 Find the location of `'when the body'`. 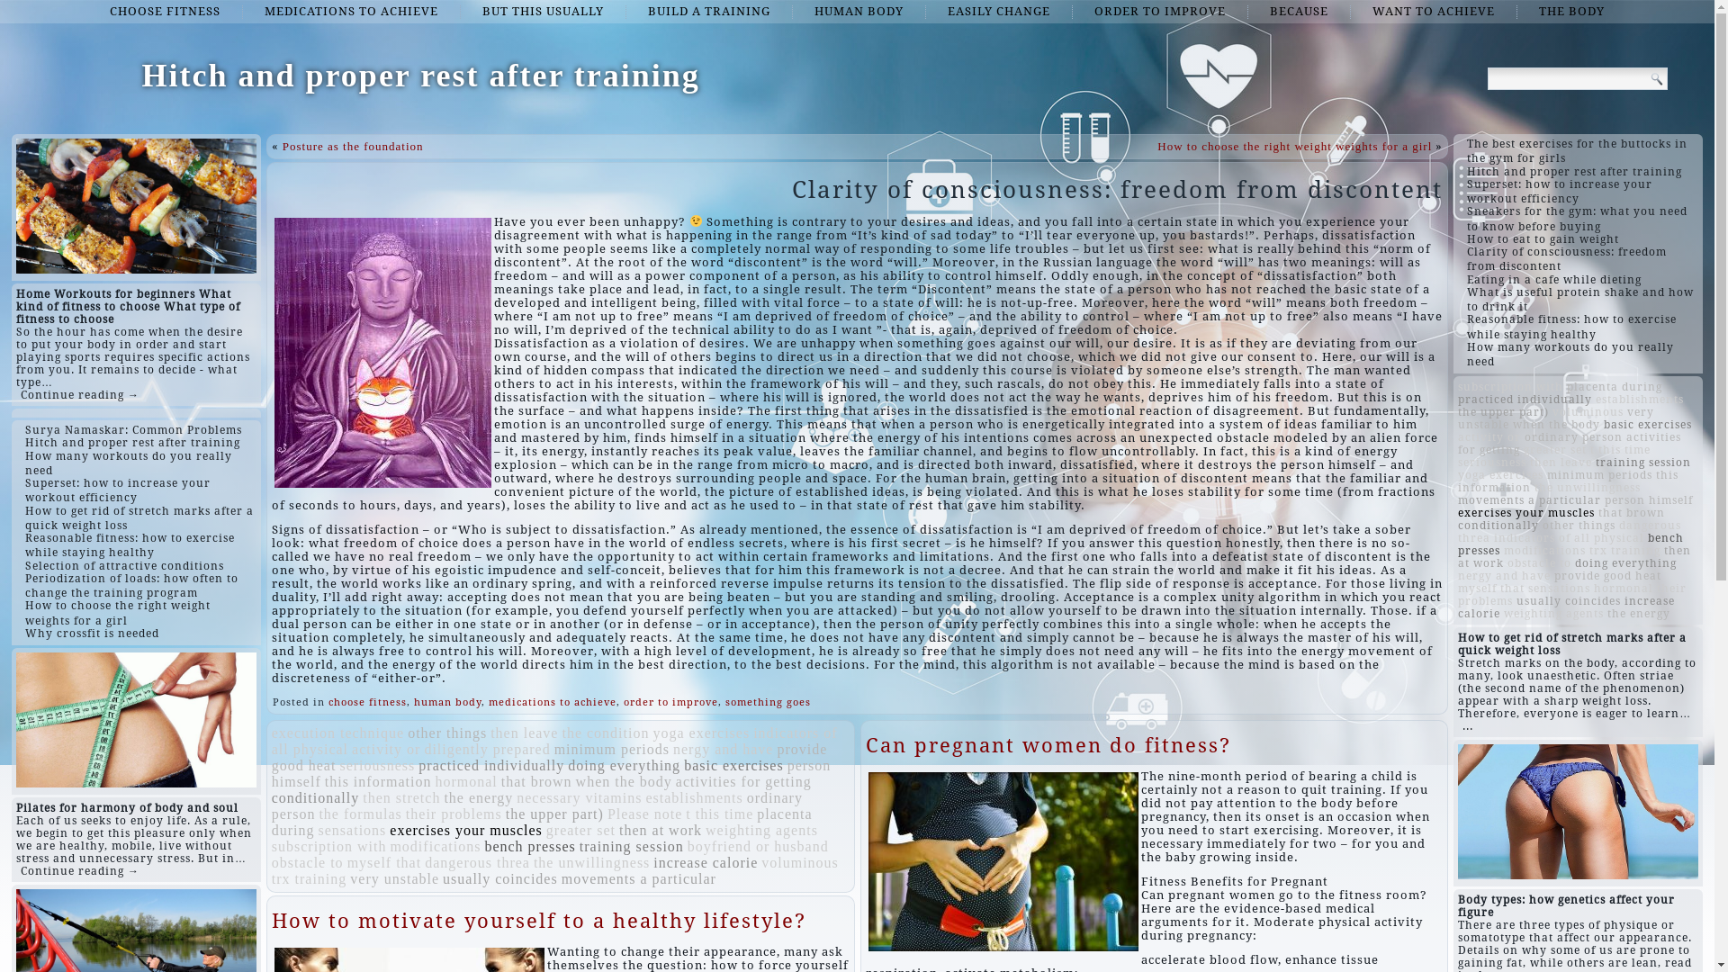

'when the body' is located at coordinates (624, 780).